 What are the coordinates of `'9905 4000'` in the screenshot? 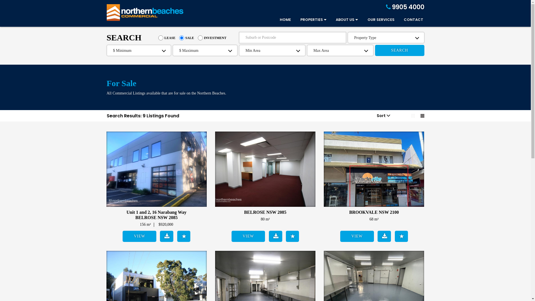 It's located at (405, 7).